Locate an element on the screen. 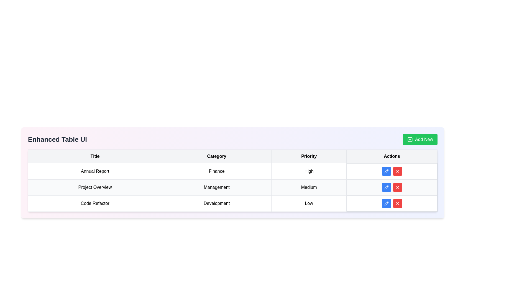 The height and width of the screenshot is (299, 532). the 'Annual Report' text in the first cell of the first data row under the 'Title' column of the table is located at coordinates (95, 171).